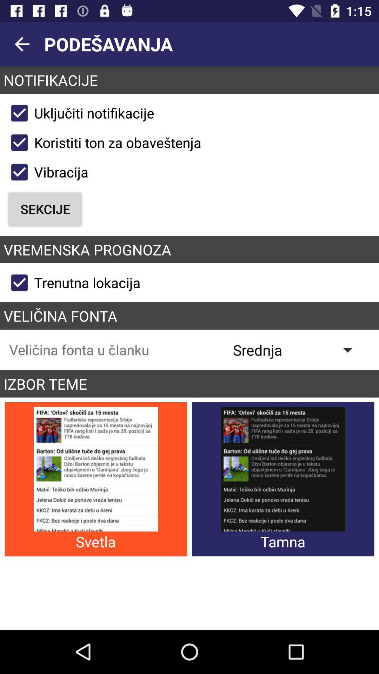 This screenshot has height=674, width=379. Describe the element at coordinates (45, 209) in the screenshot. I see `the code sekcije` at that location.